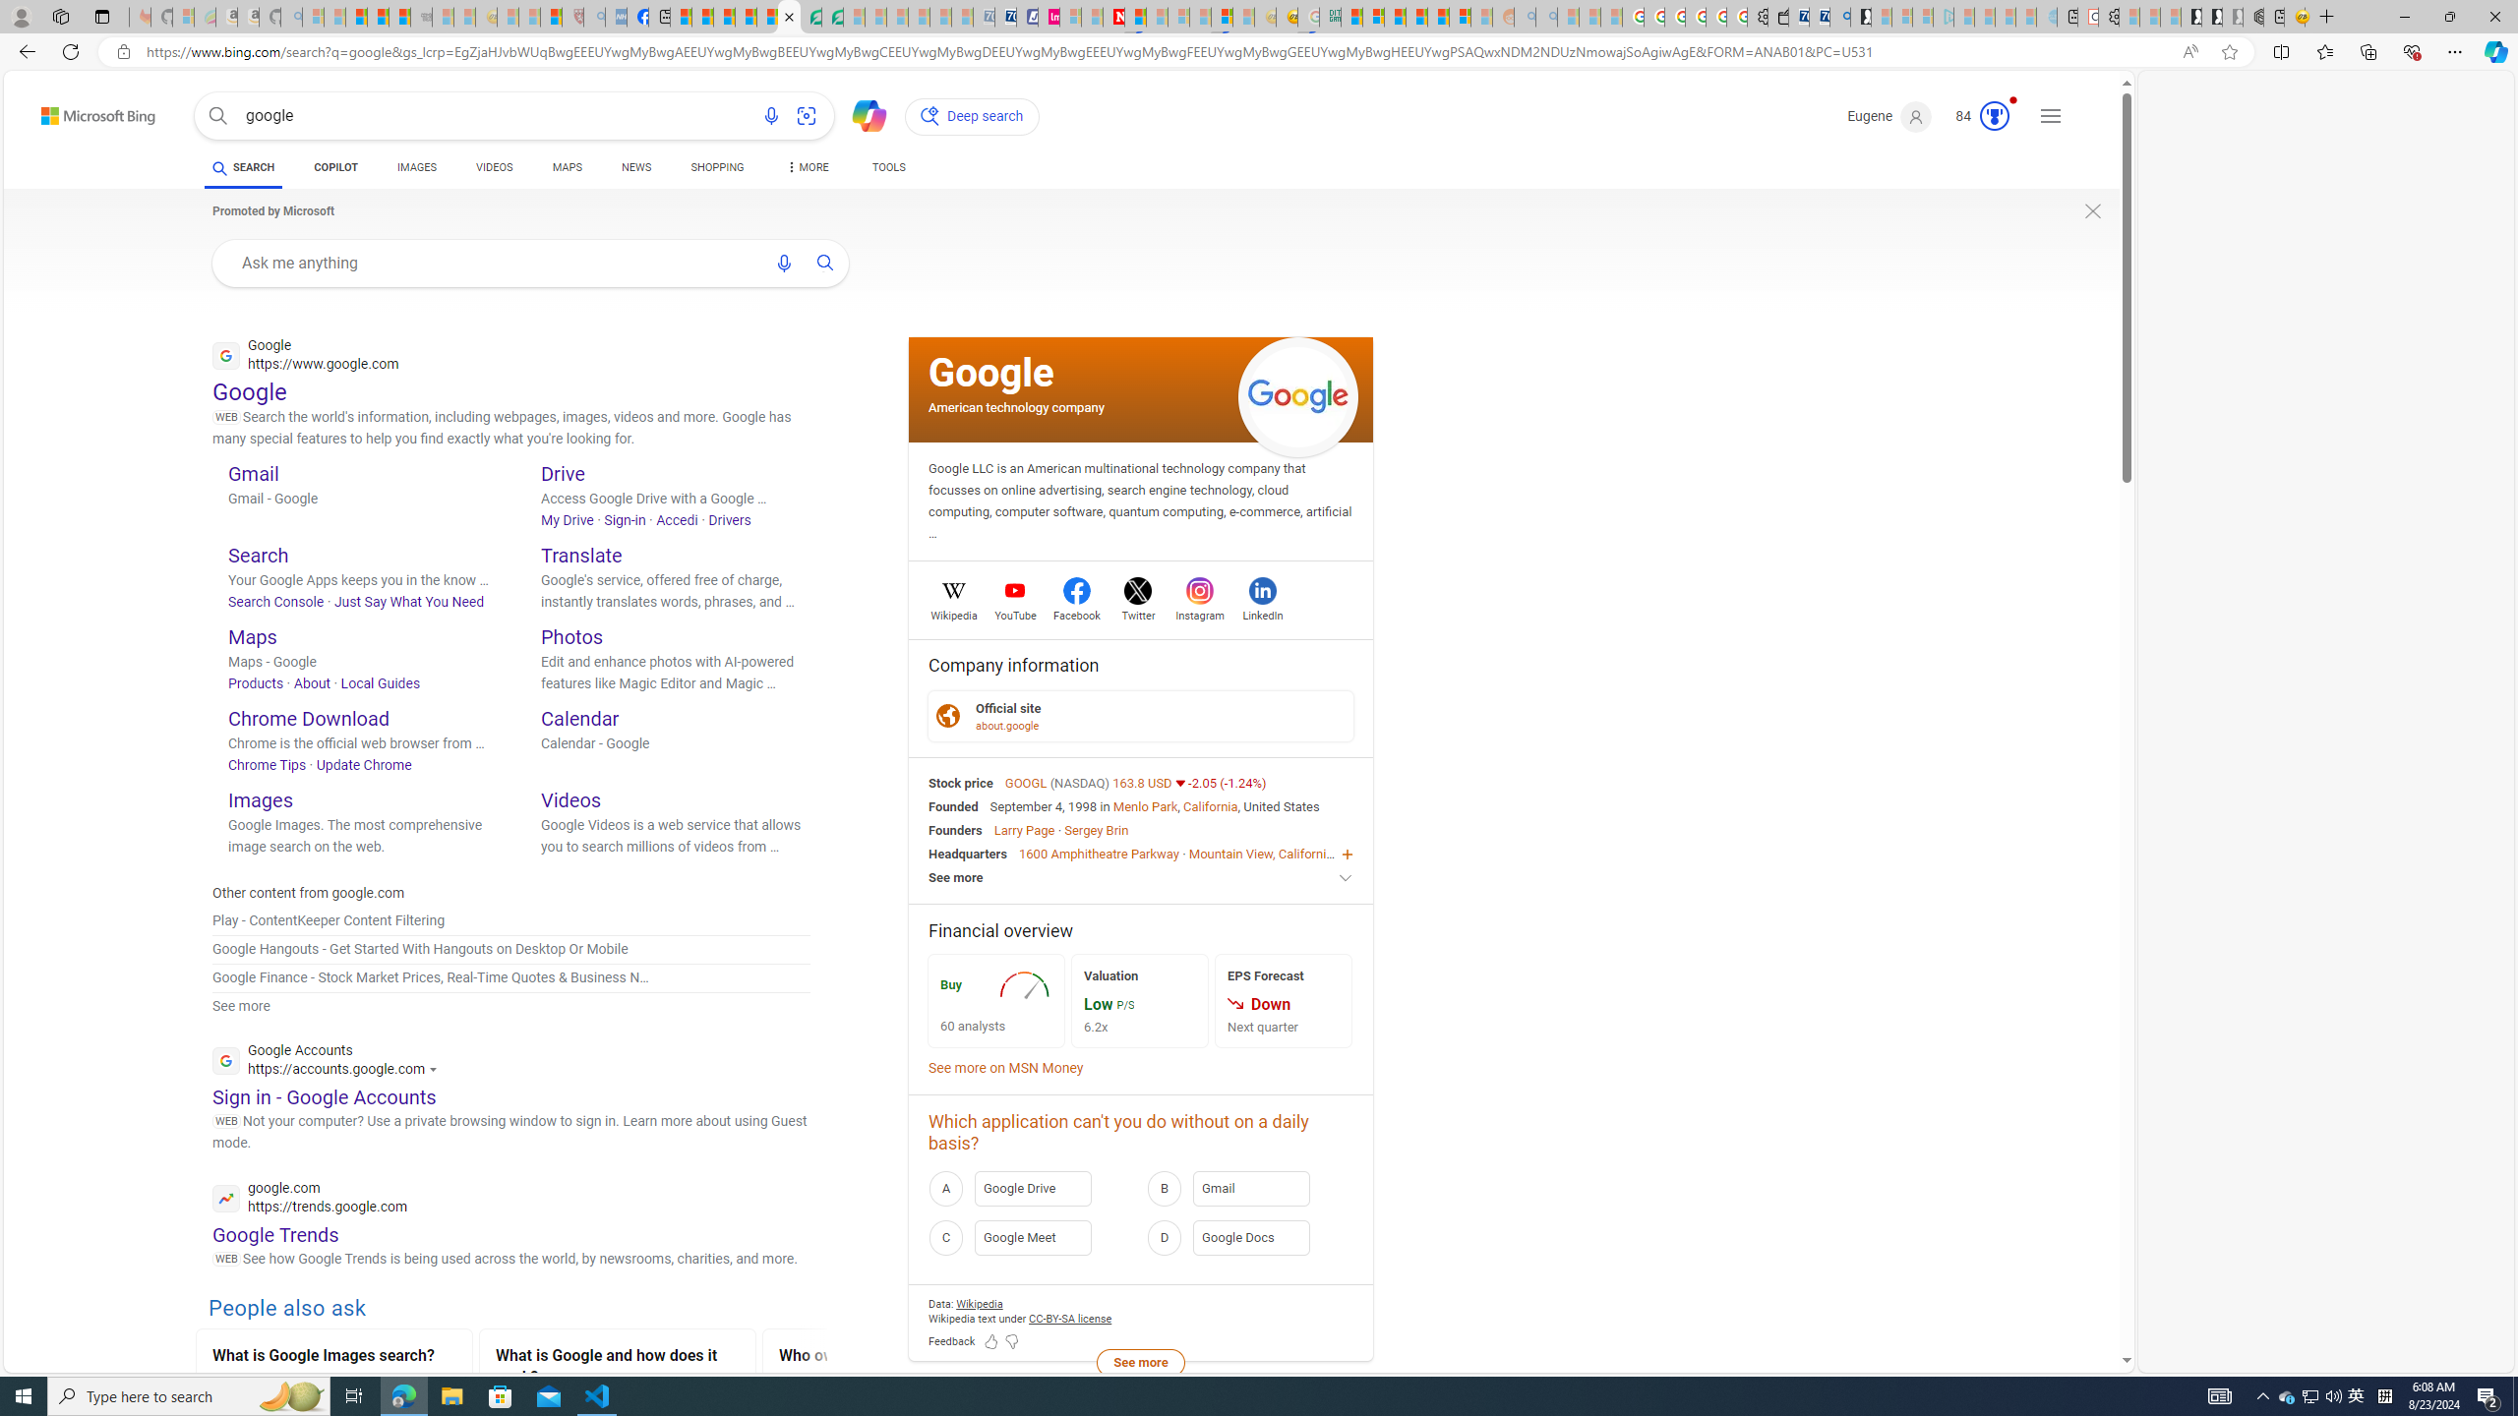 The height and width of the screenshot is (1416, 2518). What do you see at coordinates (408, 602) in the screenshot?
I see `'Just Say What You Need'` at bounding box center [408, 602].